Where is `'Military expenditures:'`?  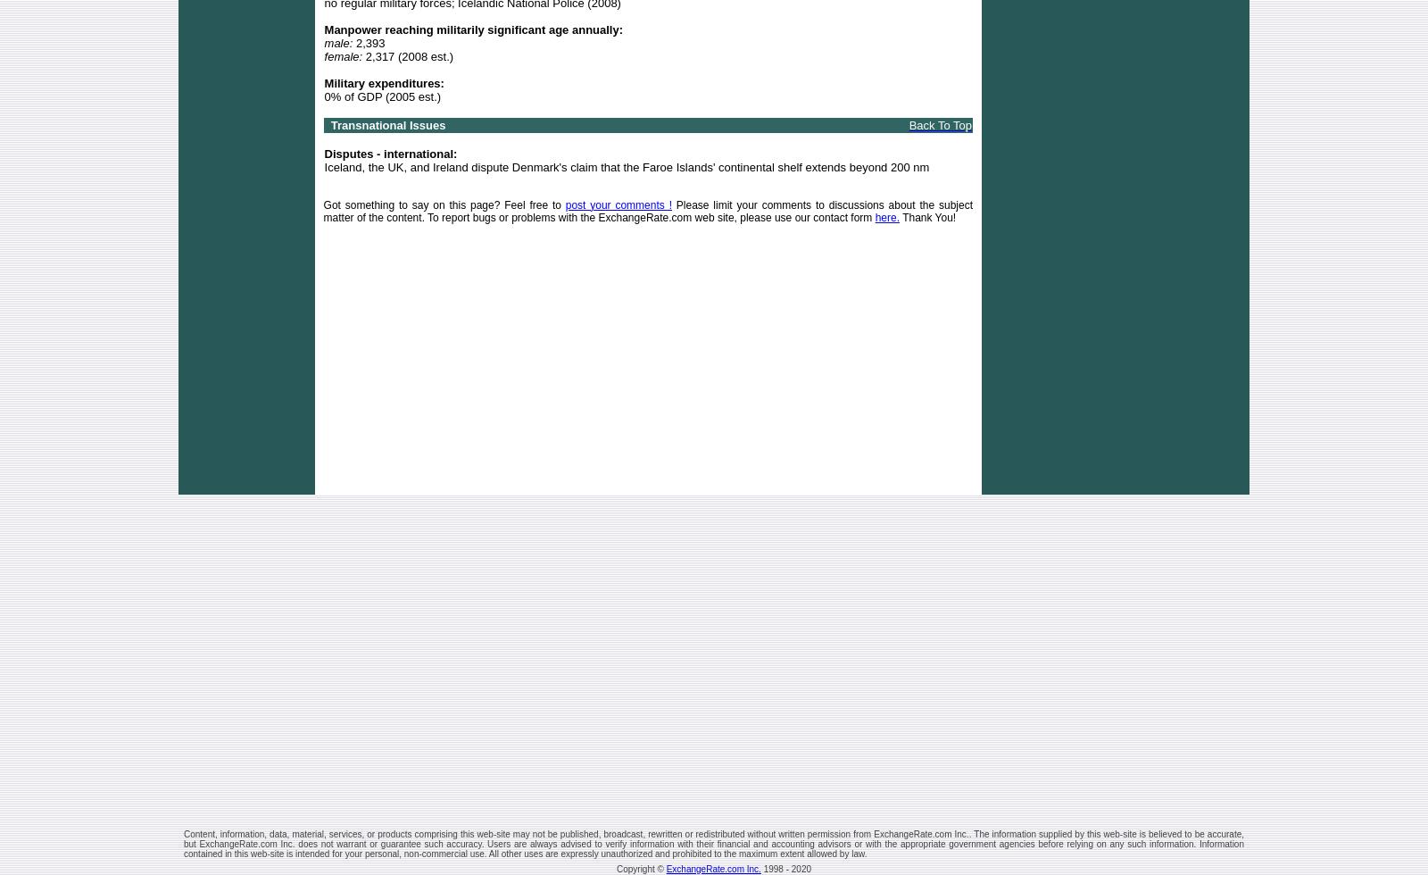
'Military expenditures:' is located at coordinates (382, 82).